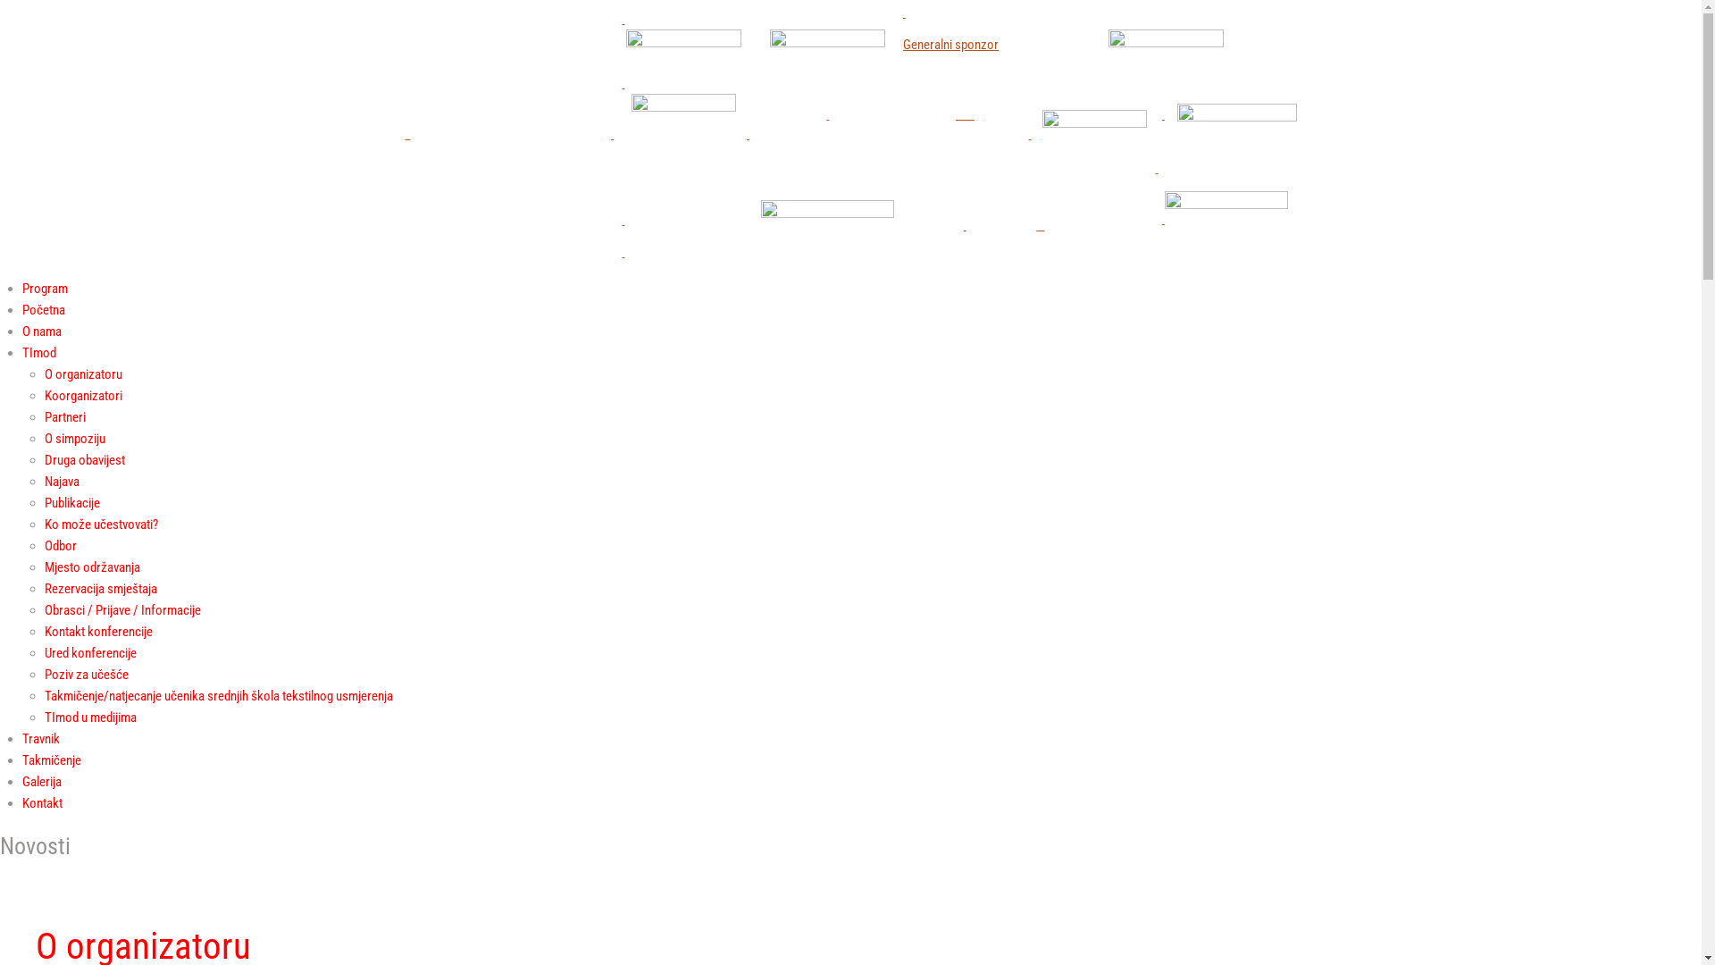 Image resolution: width=1715 pixels, height=965 pixels. Describe the element at coordinates (71, 503) in the screenshot. I see `'Publikacije'` at that location.